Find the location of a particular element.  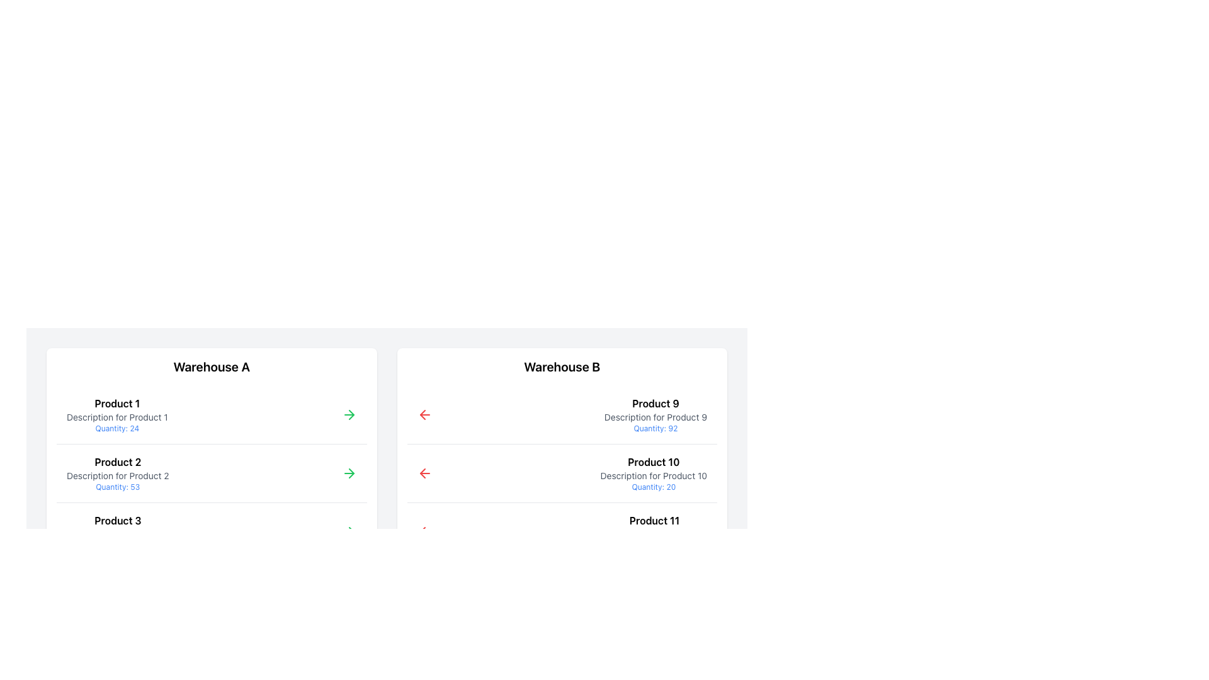

the text element displaying 'Description for Product 10', which is styled in smaller gray font and located below the main title 'Product 10' is located at coordinates (654, 476).